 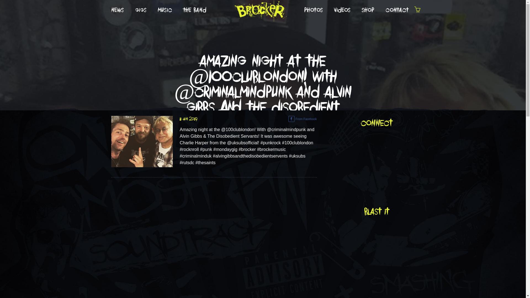 What do you see at coordinates (397, 10) in the screenshot?
I see `'contact'` at bounding box center [397, 10].